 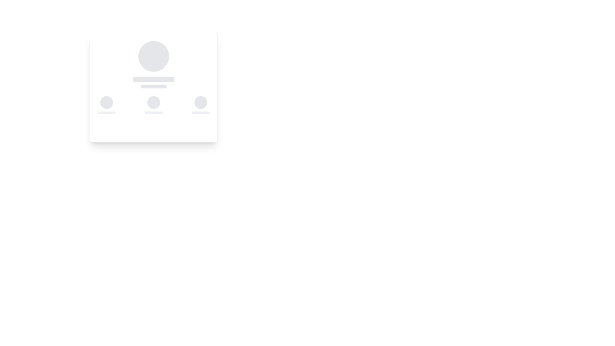 I want to click on the light gray placeholder loading indicator located at the bottom center of the card-like component, so click(x=154, y=128).